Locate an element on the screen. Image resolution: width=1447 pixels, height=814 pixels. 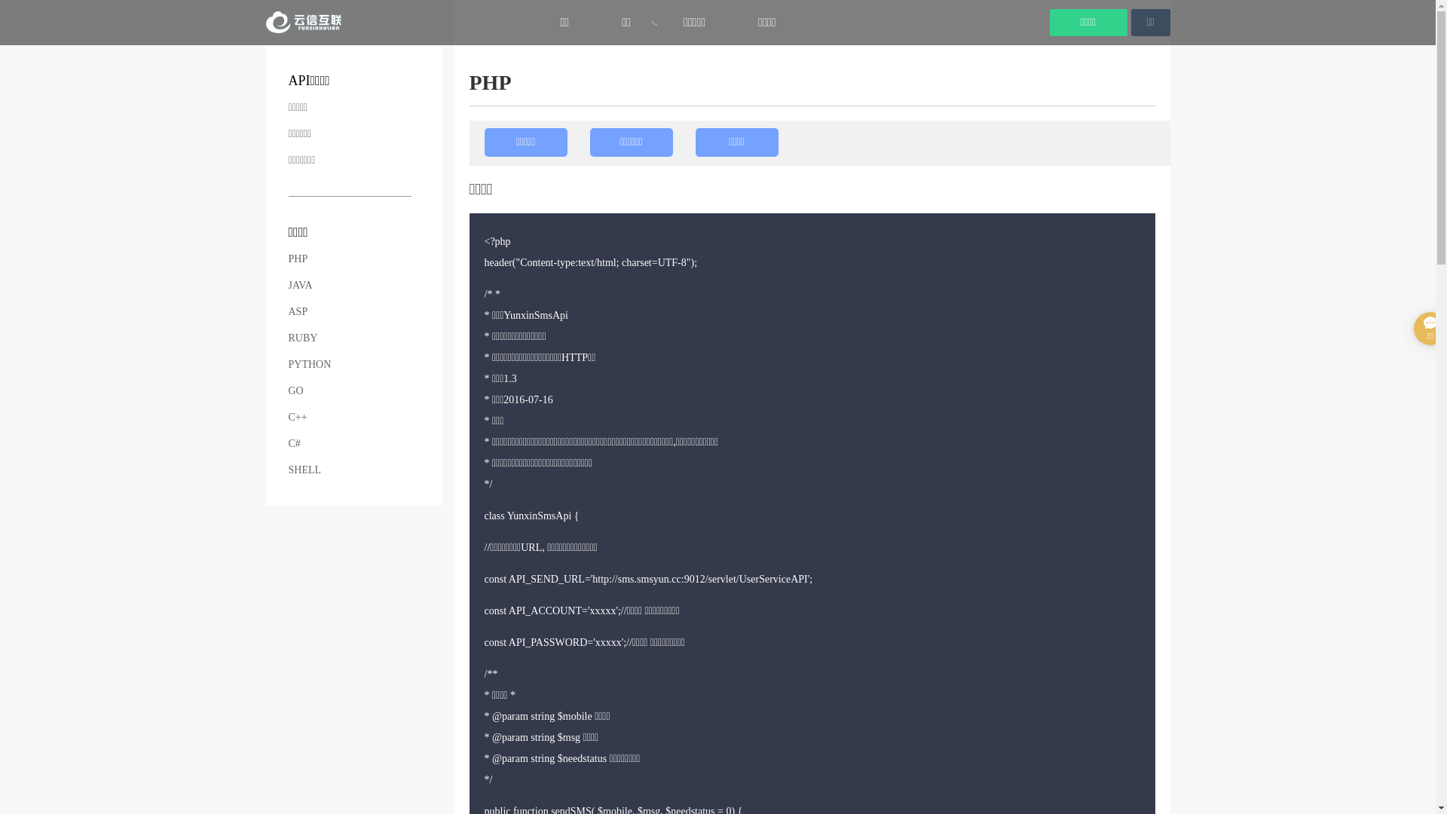
'RUBY' is located at coordinates (301, 337).